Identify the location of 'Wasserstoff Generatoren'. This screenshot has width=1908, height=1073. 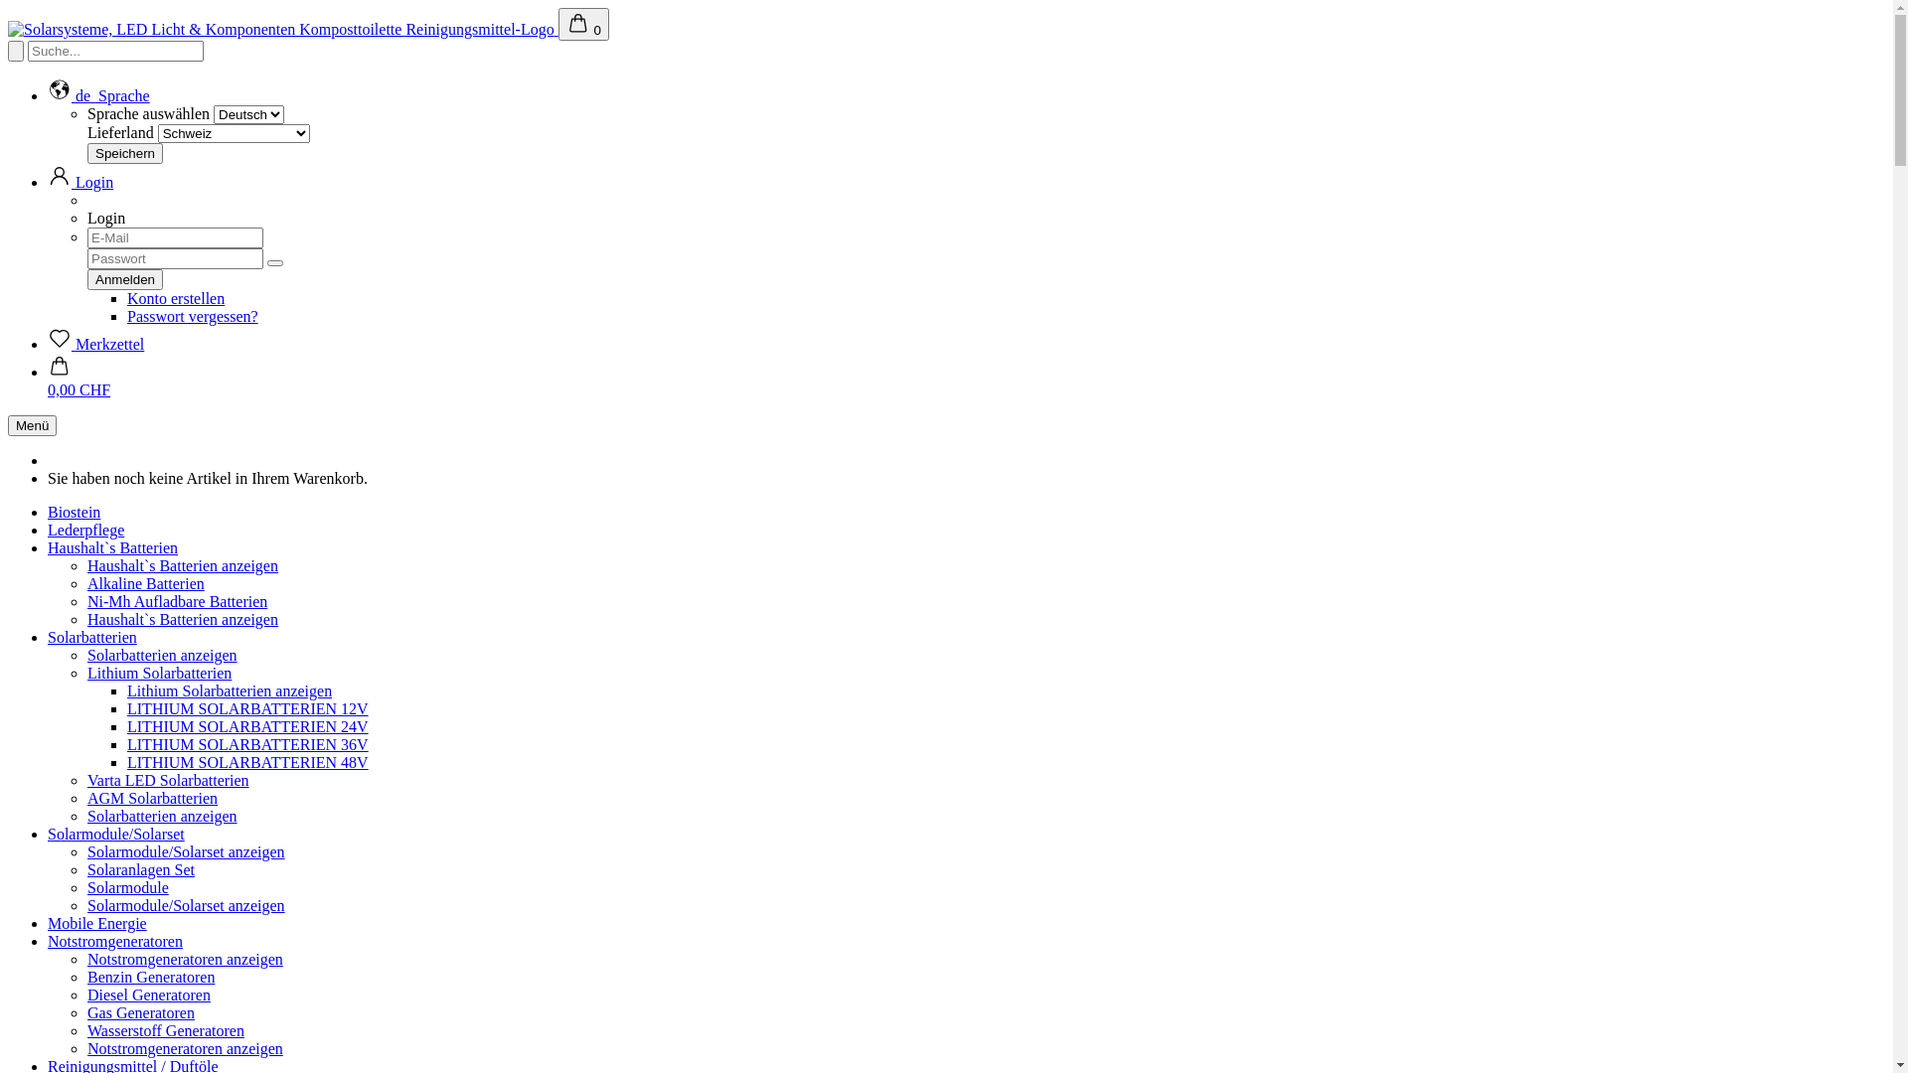
(166, 1029).